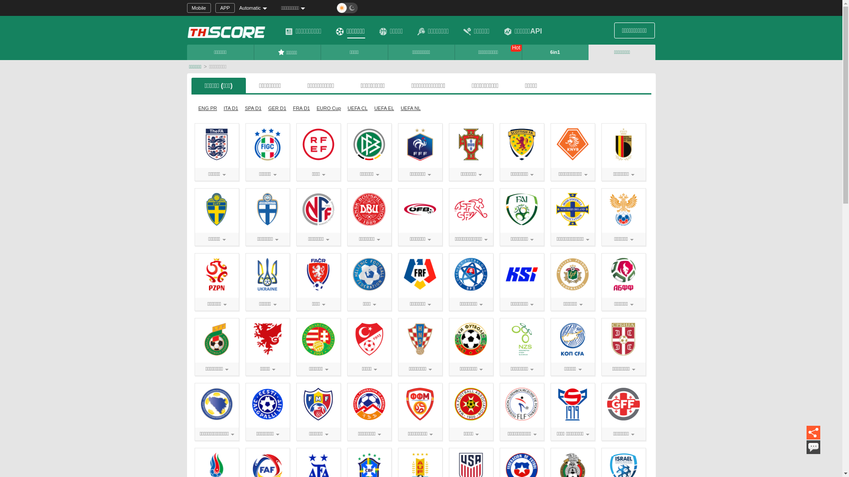 The height and width of the screenshot is (477, 849). I want to click on 'Automatic', so click(256, 8).